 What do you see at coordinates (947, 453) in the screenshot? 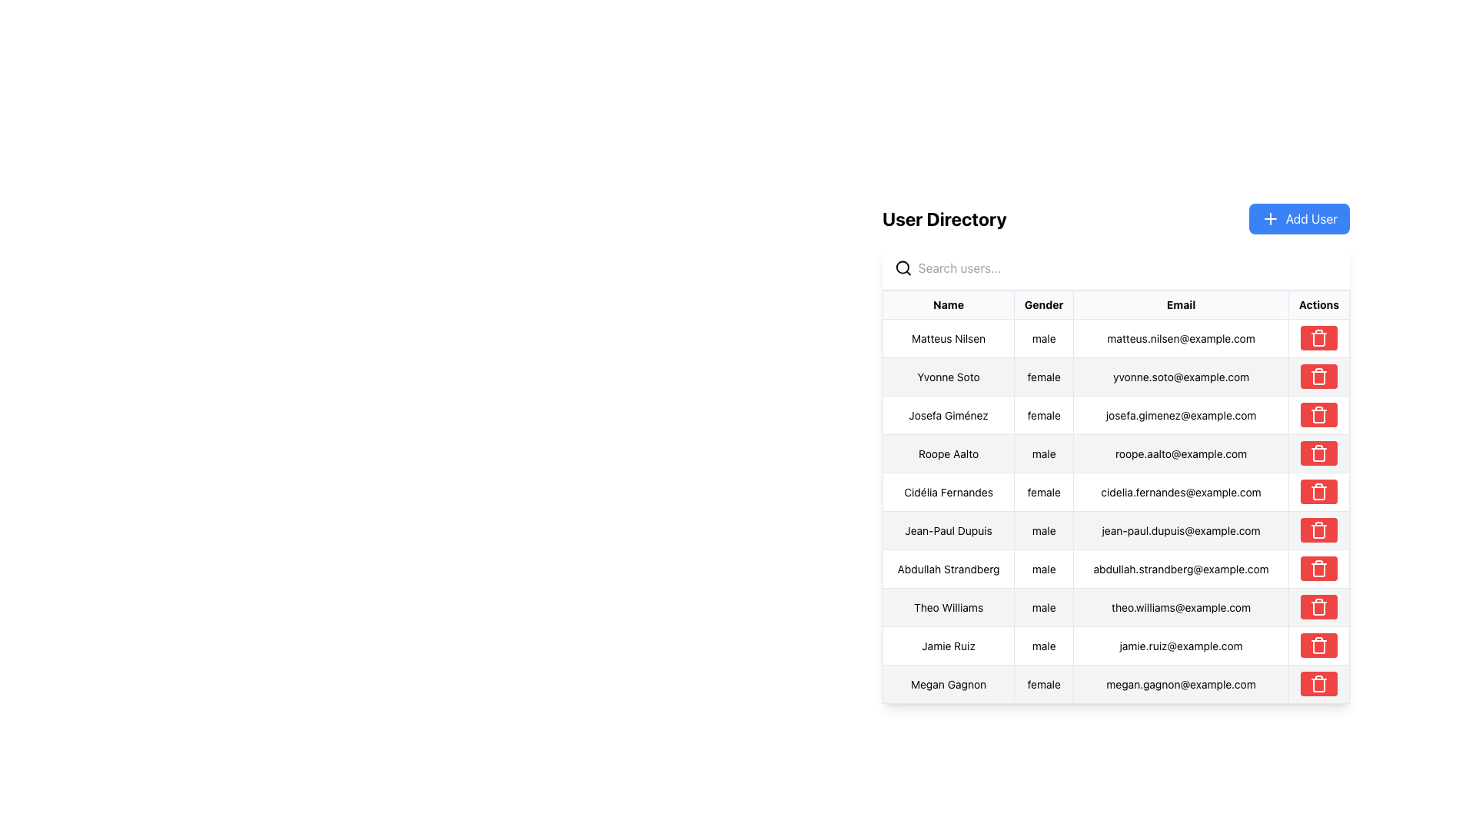
I see `text content of the user name label located in the first column of the fourth row in the directory table` at bounding box center [947, 453].